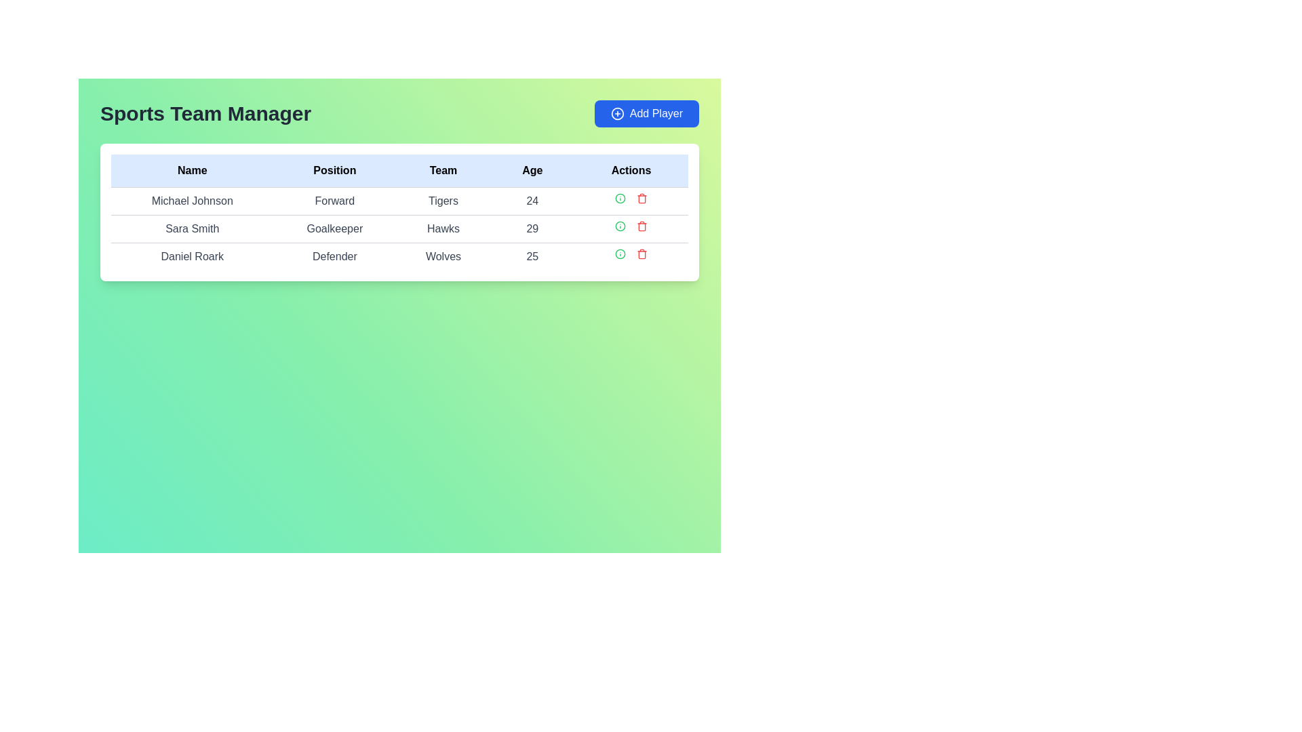 Image resolution: width=1302 pixels, height=732 pixels. What do you see at coordinates (443, 201) in the screenshot?
I see `the text label displaying the team name 'Tigers' associated with the player 'Michael Johnson' in the third column of the table` at bounding box center [443, 201].